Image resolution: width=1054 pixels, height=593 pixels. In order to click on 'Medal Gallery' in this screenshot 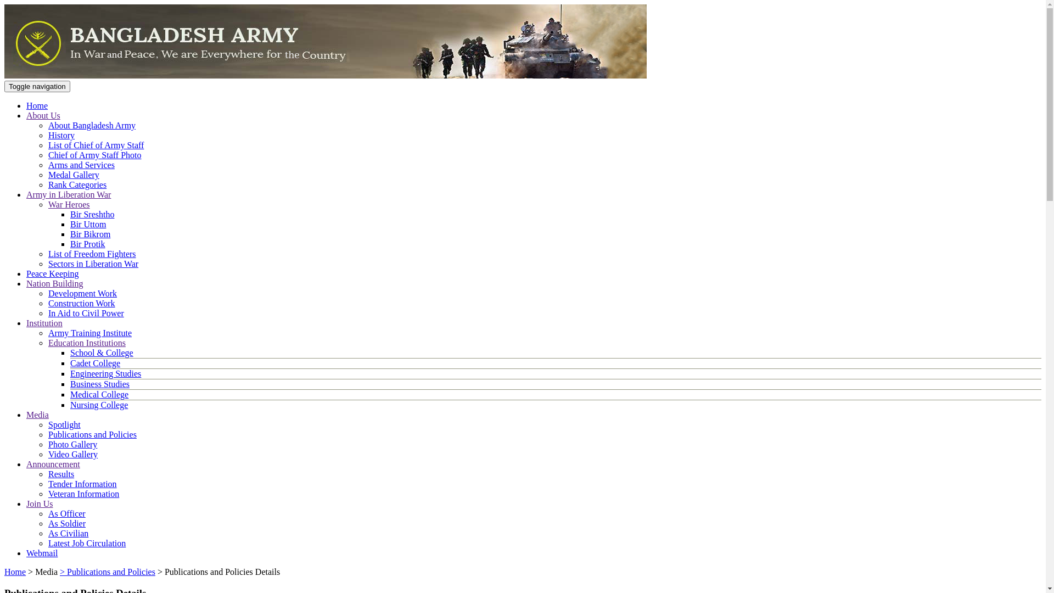, I will do `click(73, 174)`.